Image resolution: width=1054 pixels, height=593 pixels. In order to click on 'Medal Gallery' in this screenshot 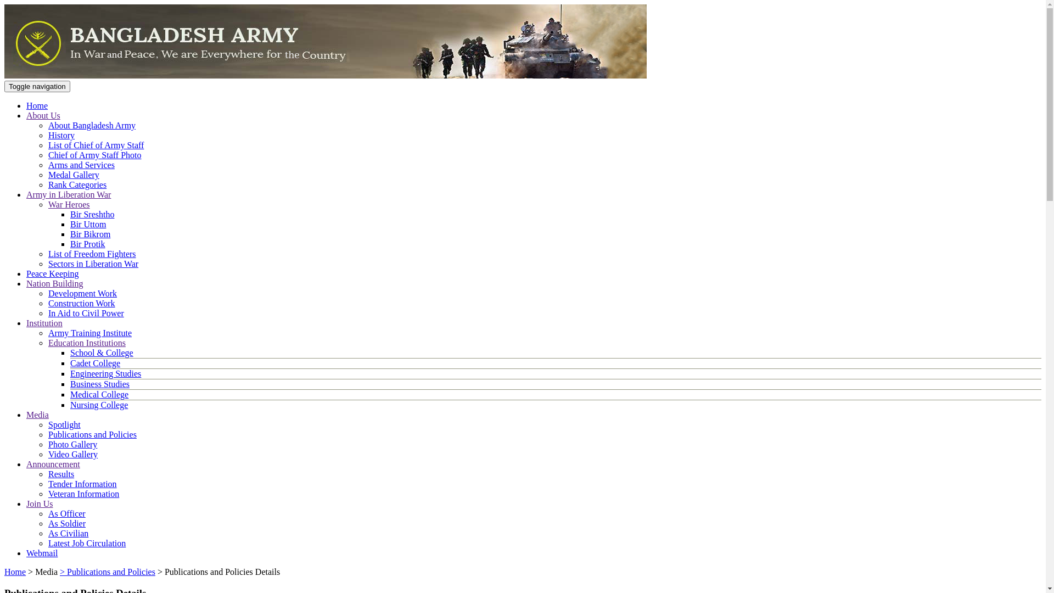, I will do `click(73, 174)`.